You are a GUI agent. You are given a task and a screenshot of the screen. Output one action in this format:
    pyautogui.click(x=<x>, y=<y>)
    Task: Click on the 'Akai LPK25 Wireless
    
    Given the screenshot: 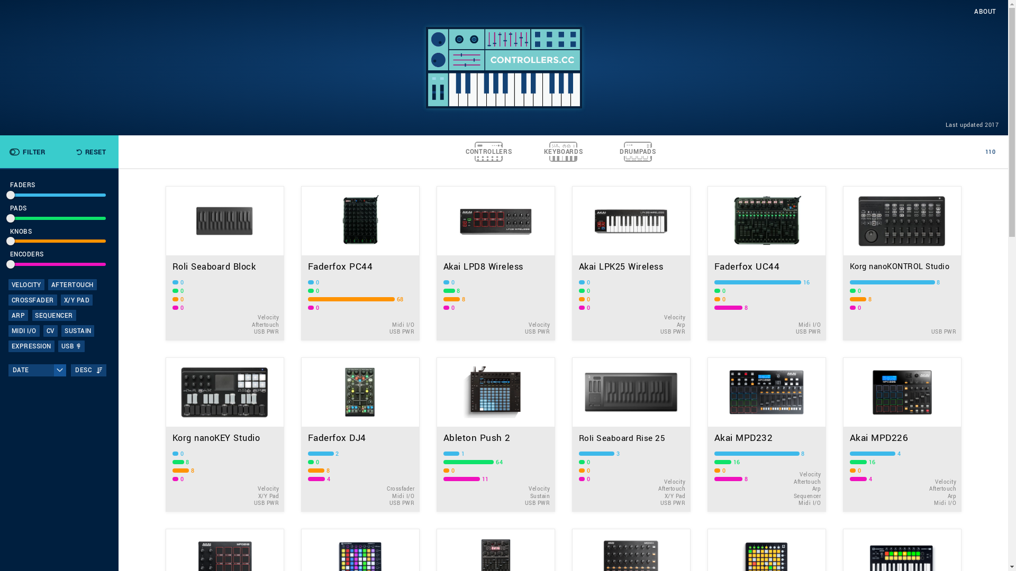 What is the action you would take?
    pyautogui.click(x=630, y=262)
    